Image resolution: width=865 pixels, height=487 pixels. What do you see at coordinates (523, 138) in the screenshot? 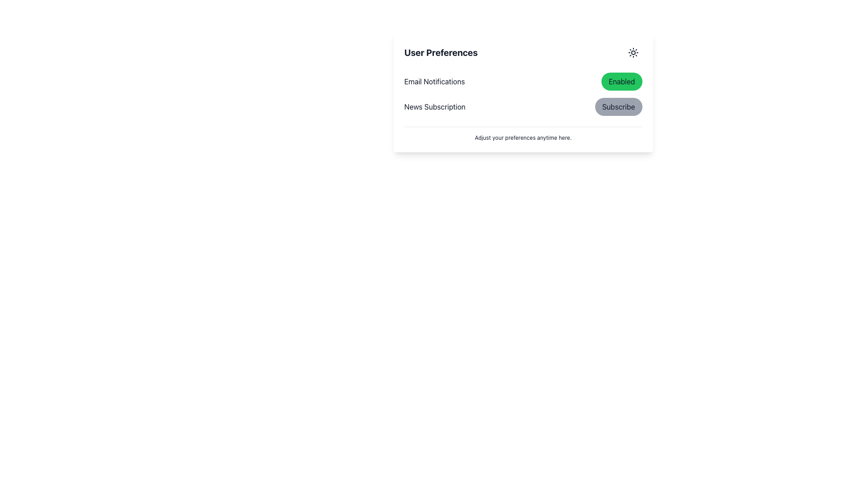
I see `the Static Text Display element that provides informational text about adjusting preferences, located at the lower center of the user preferences module, beneath a horizontal line separator` at bounding box center [523, 138].